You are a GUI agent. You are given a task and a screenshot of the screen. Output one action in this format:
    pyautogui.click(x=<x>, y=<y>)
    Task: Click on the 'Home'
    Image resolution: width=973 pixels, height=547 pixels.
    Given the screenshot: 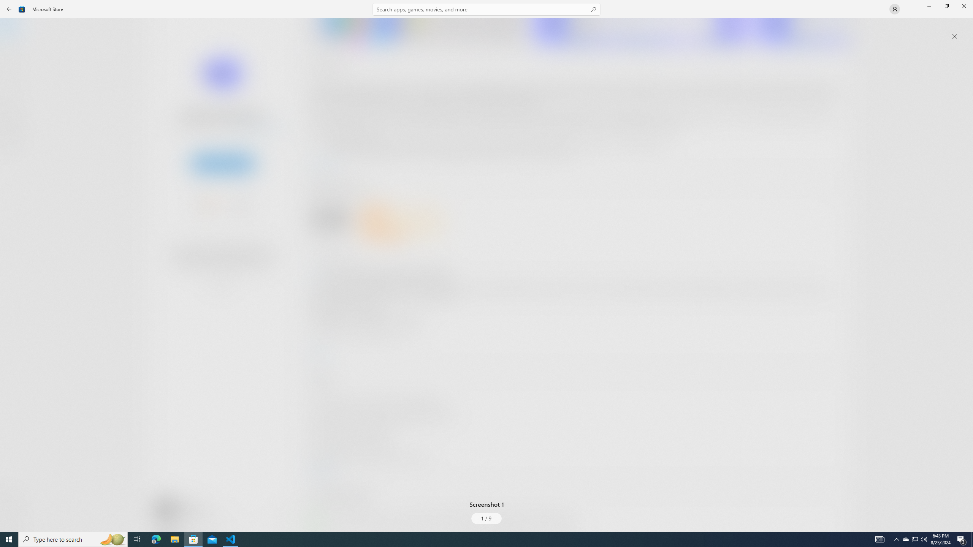 What is the action you would take?
    pyautogui.click(x=13, y=30)
    